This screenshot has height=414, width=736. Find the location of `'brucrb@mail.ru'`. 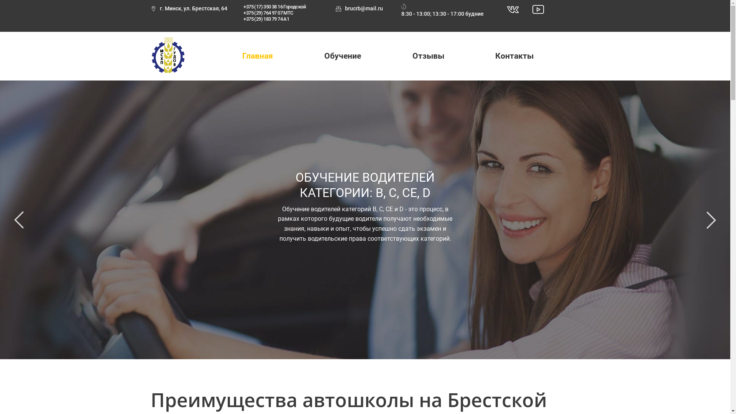

'brucrb@mail.ru' is located at coordinates (359, 9).